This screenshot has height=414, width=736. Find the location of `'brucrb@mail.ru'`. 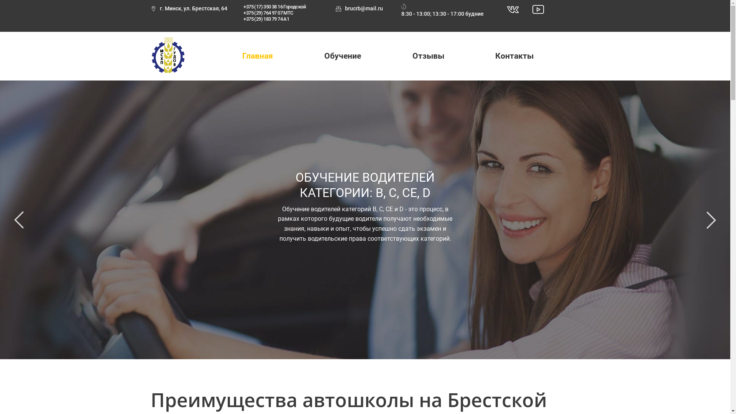

'brucrb@mail.ru' is located at coordinates (359, 9).